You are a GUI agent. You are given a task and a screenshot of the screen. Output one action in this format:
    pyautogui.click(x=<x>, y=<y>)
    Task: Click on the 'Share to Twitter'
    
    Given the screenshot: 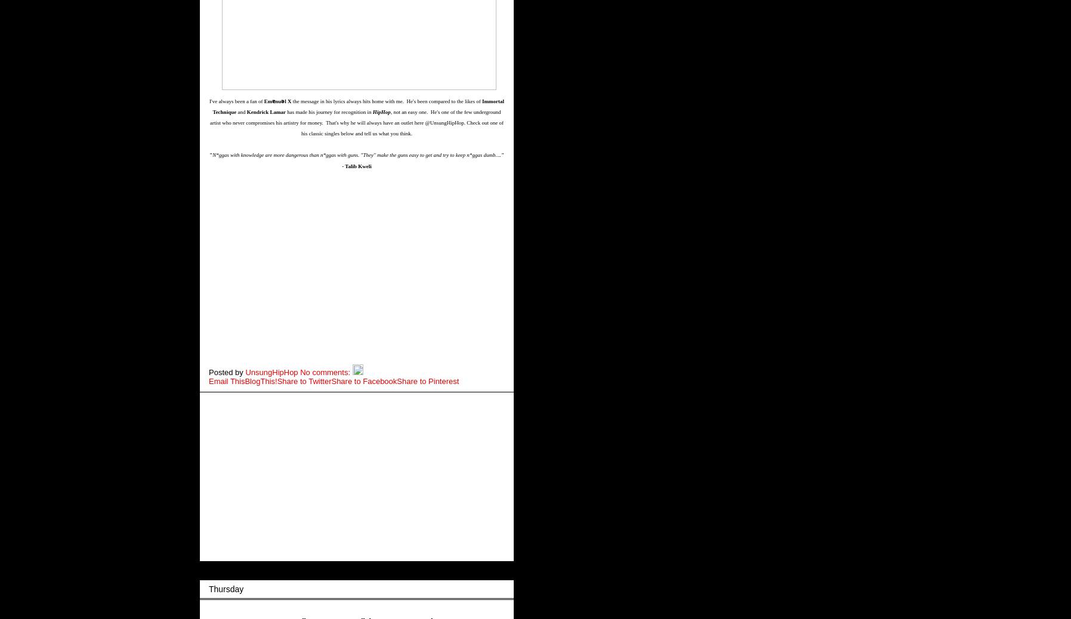 What is the action you would take?
    pyautogui.click(x=304, y=380)
    